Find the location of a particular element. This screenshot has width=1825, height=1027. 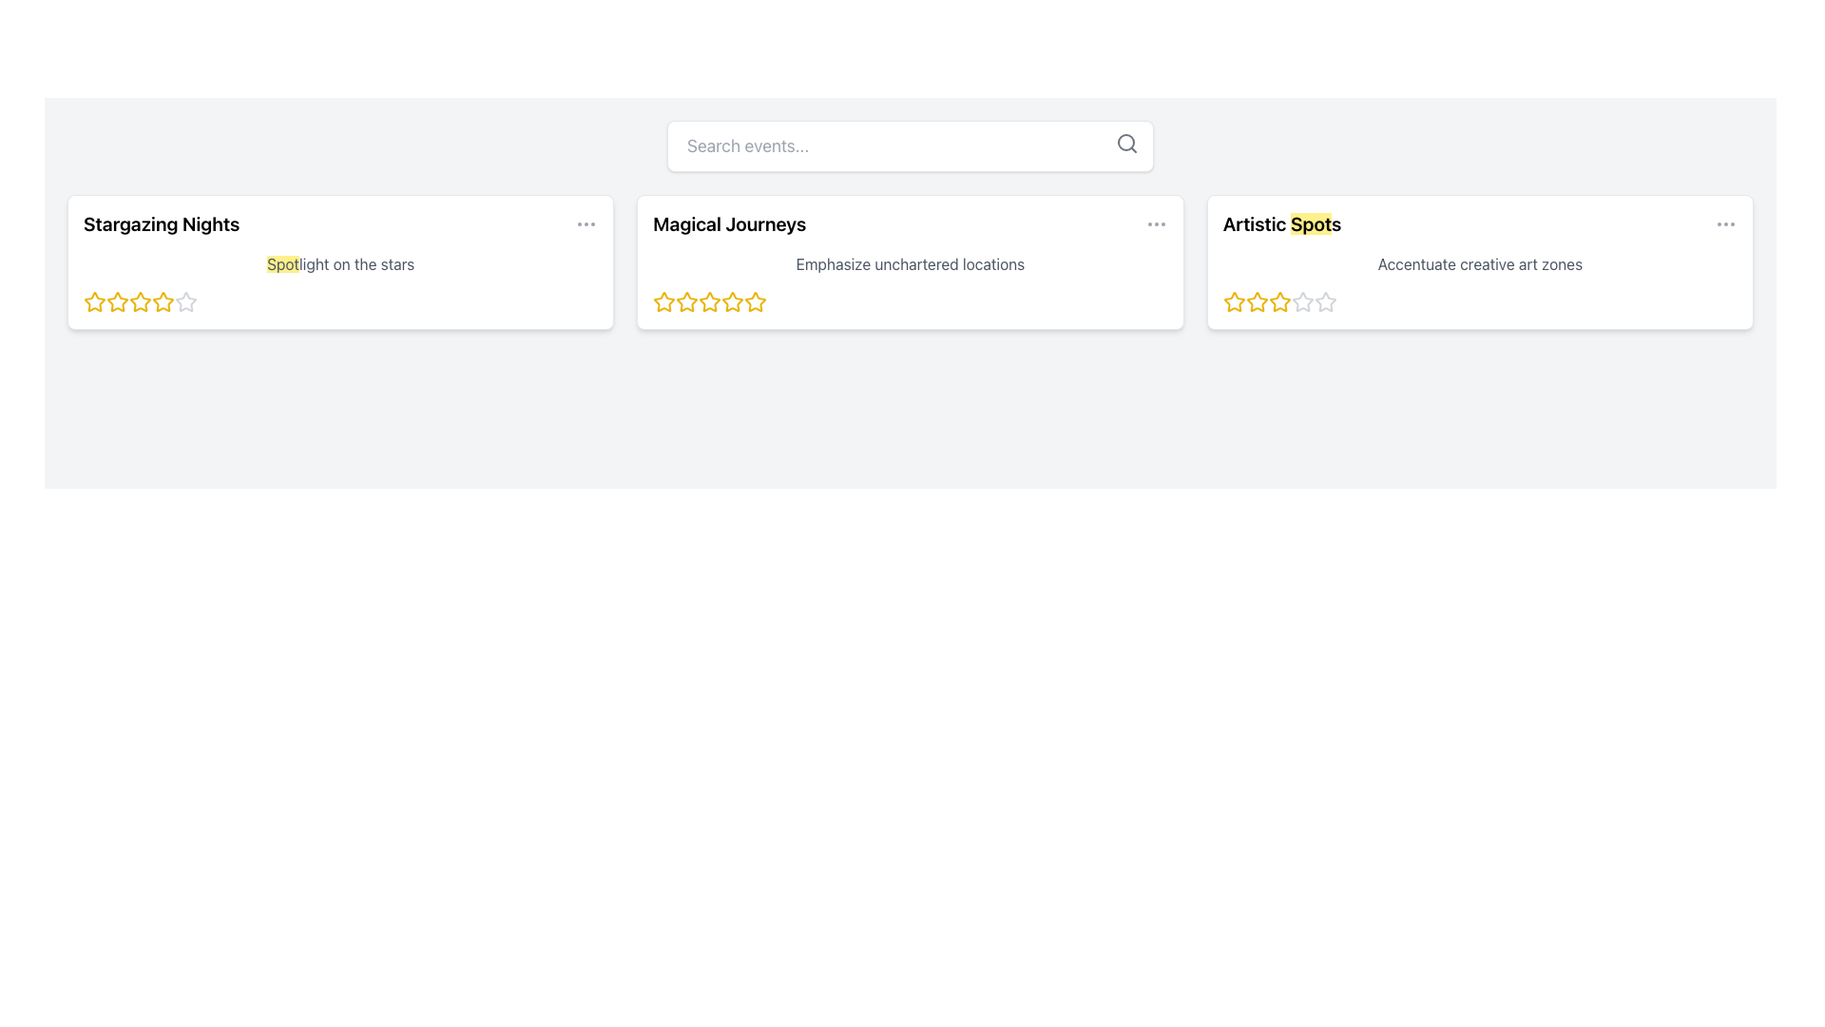

the fifth star-shaped icon with a yellow outline in the second card from the left to observe its tooltip or animation is located at coordinates (755, 300).